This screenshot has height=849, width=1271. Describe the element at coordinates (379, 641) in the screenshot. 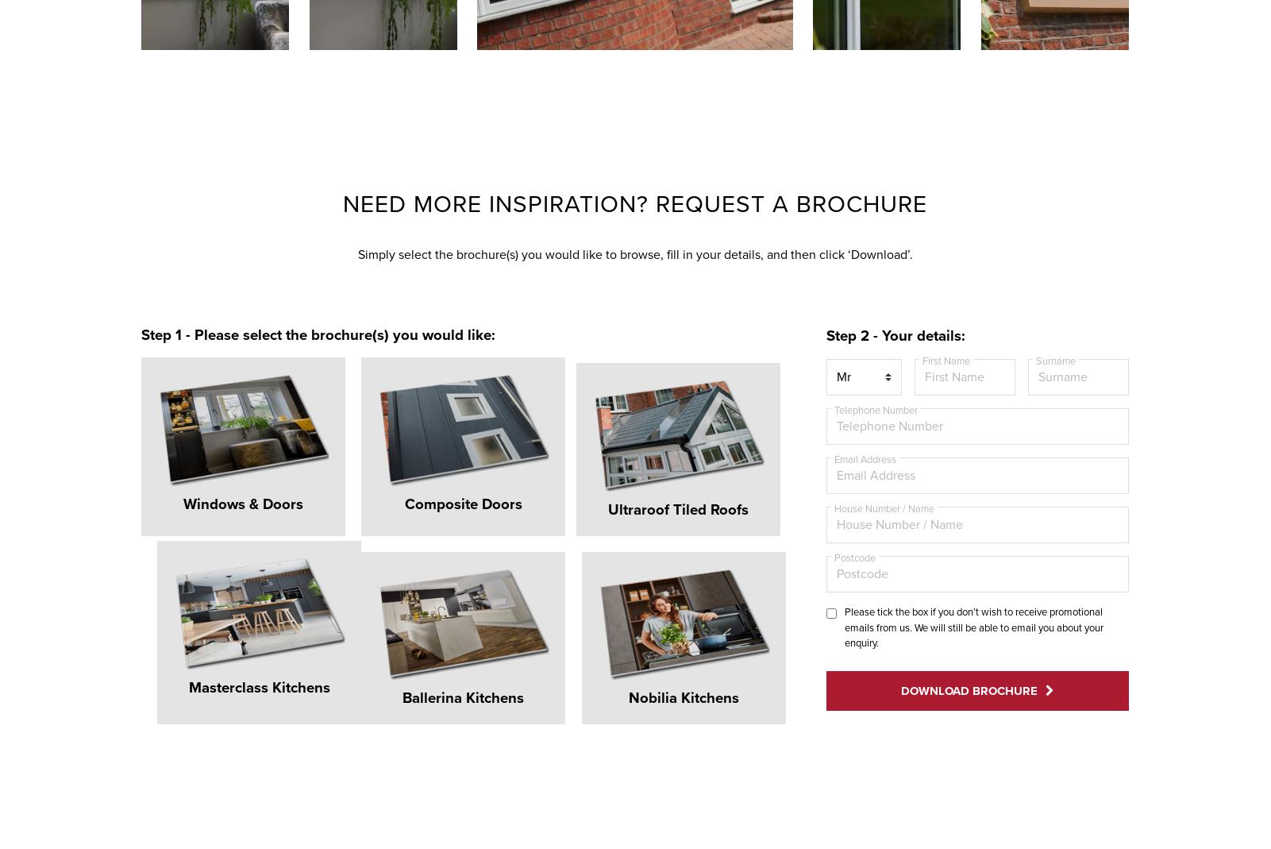

I see `'Nobilia Kitchens'` at that location.